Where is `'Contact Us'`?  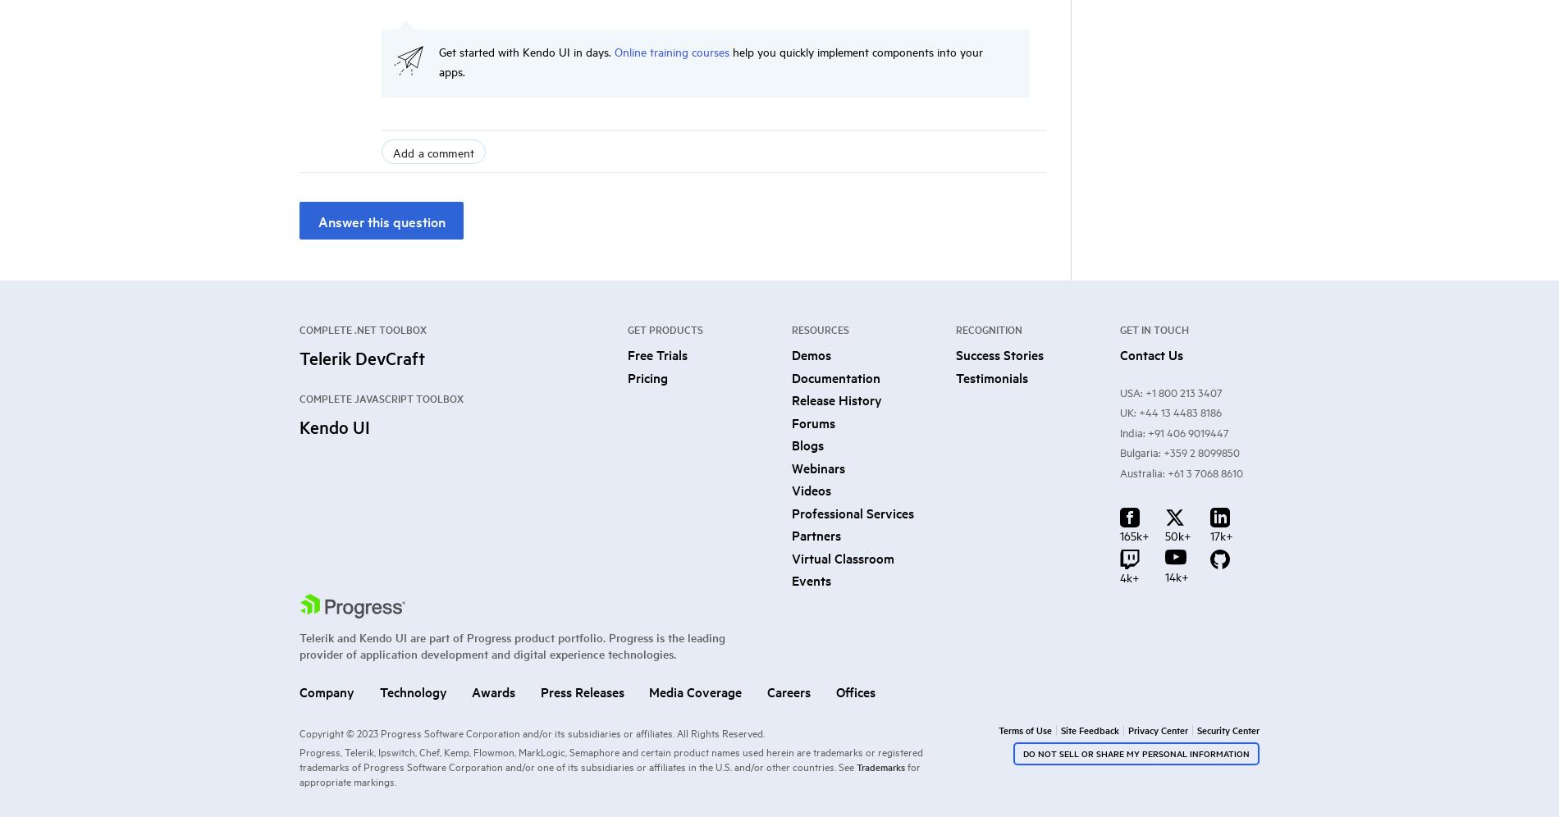 'Contact Us' is located at coordinates (1150, 354).